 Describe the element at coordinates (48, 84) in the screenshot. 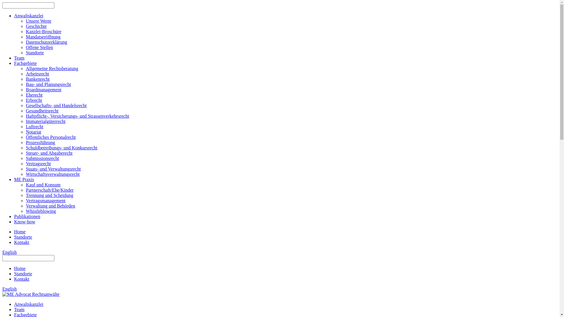

I see `'Bau- und Planungsrecht'` at that location.